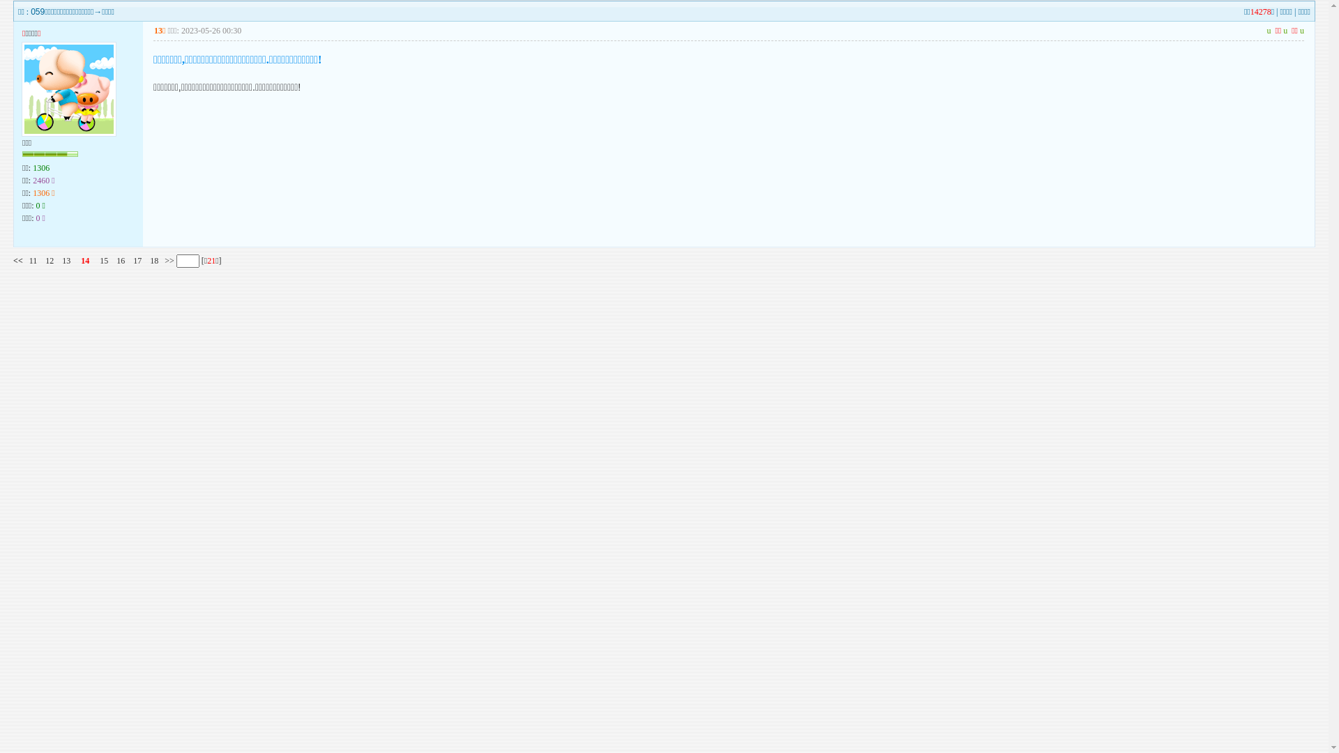 This screenshot has width=1339, height=753. What do you see at coordinates (167, 261) in the screenshot?
I see `'>>'` at bounding box center [167, 261].